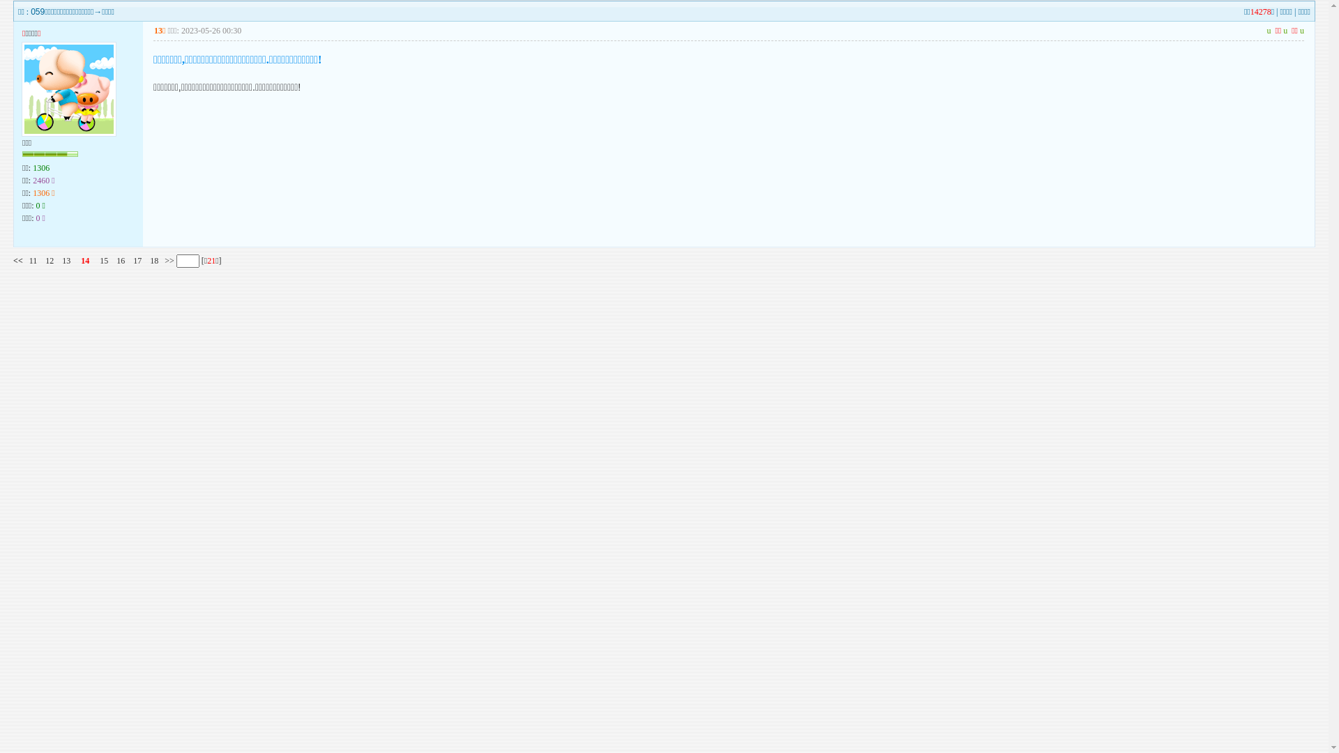 This screenshot has width=1339, height=753. What do you see at coordinates (167, 261) in the screenshot?
I see `'>>'` at bounding box center [167, 261].